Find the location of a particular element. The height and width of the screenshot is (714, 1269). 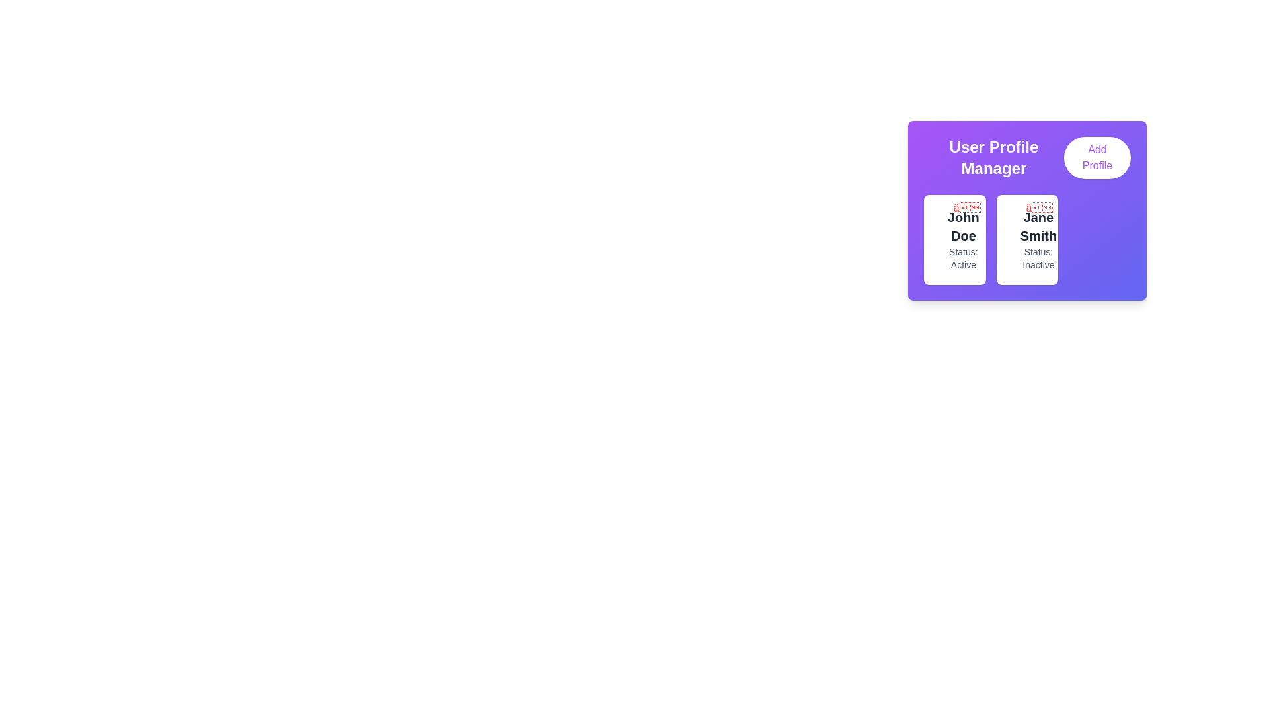

the static text label that indicates the current status of the user, located below the 'John Doe' label in the first card of the 'User Profile Manager' panel is located at coordinates (963, 258).